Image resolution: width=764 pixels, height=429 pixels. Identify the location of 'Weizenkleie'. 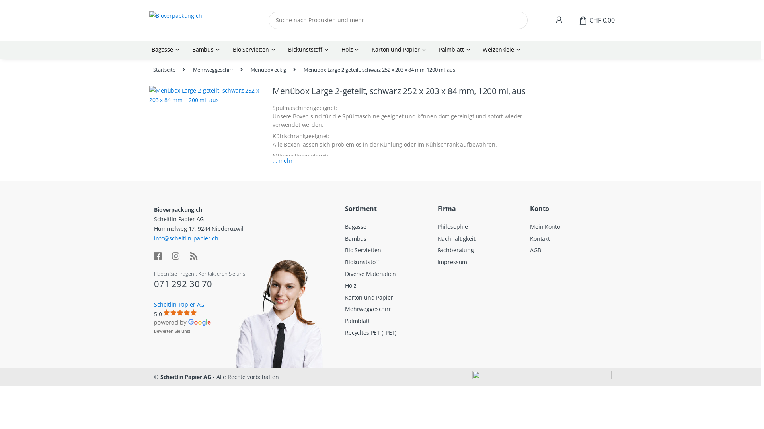
(502, 49).